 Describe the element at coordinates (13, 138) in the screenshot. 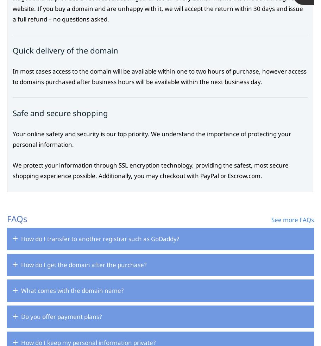

I see `'Your online safety and security is our top priority. We understand the importance of protecting your personal information.'` at that location.